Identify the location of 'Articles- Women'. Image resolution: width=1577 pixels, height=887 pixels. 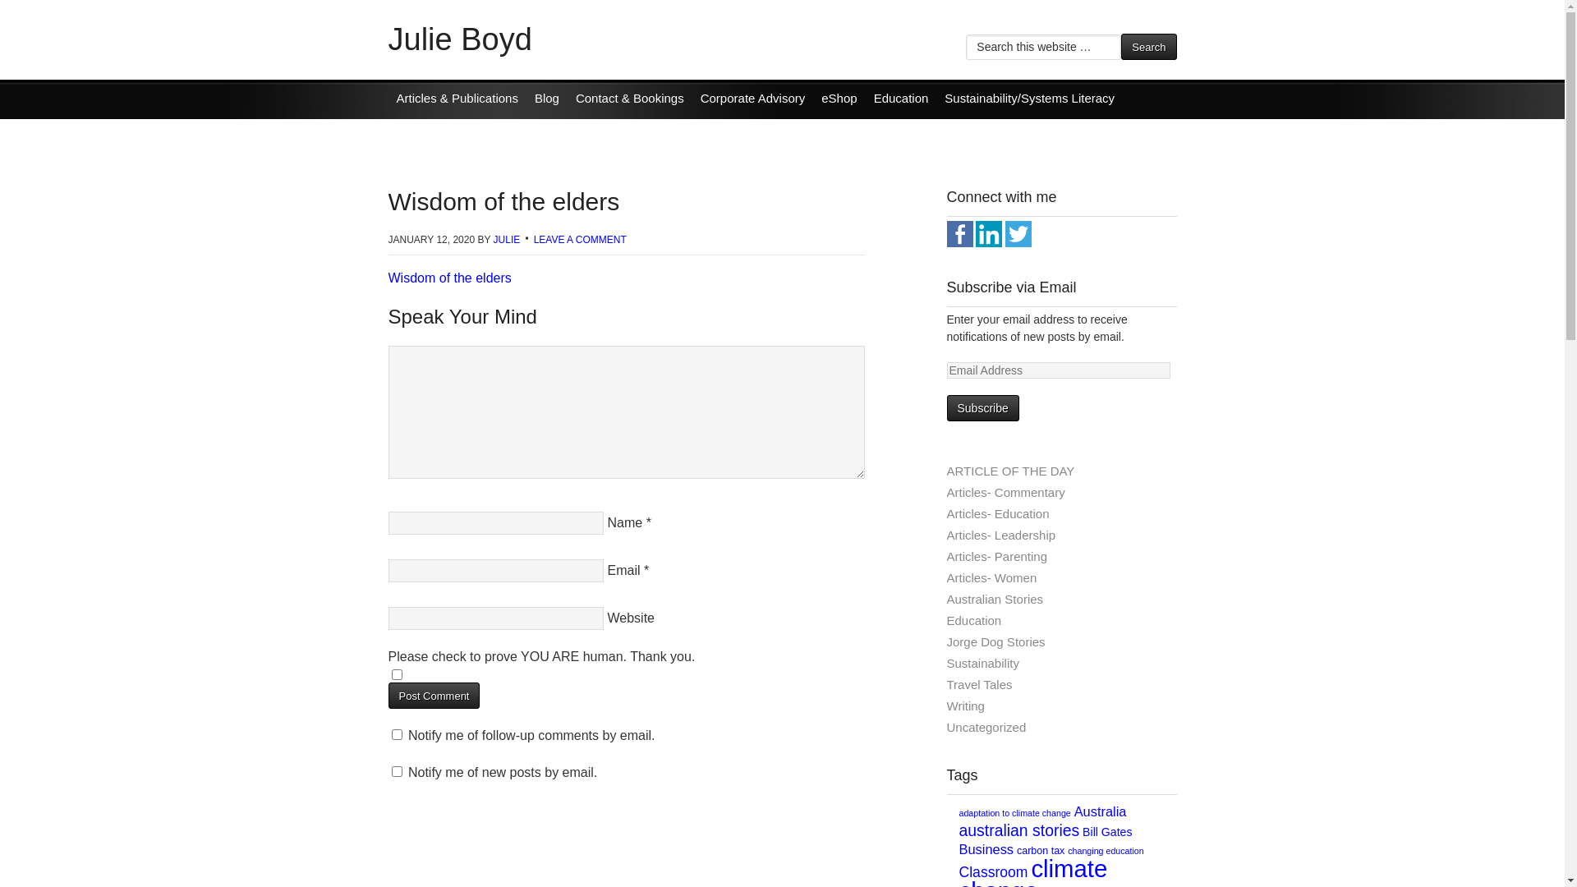
(946, 577).